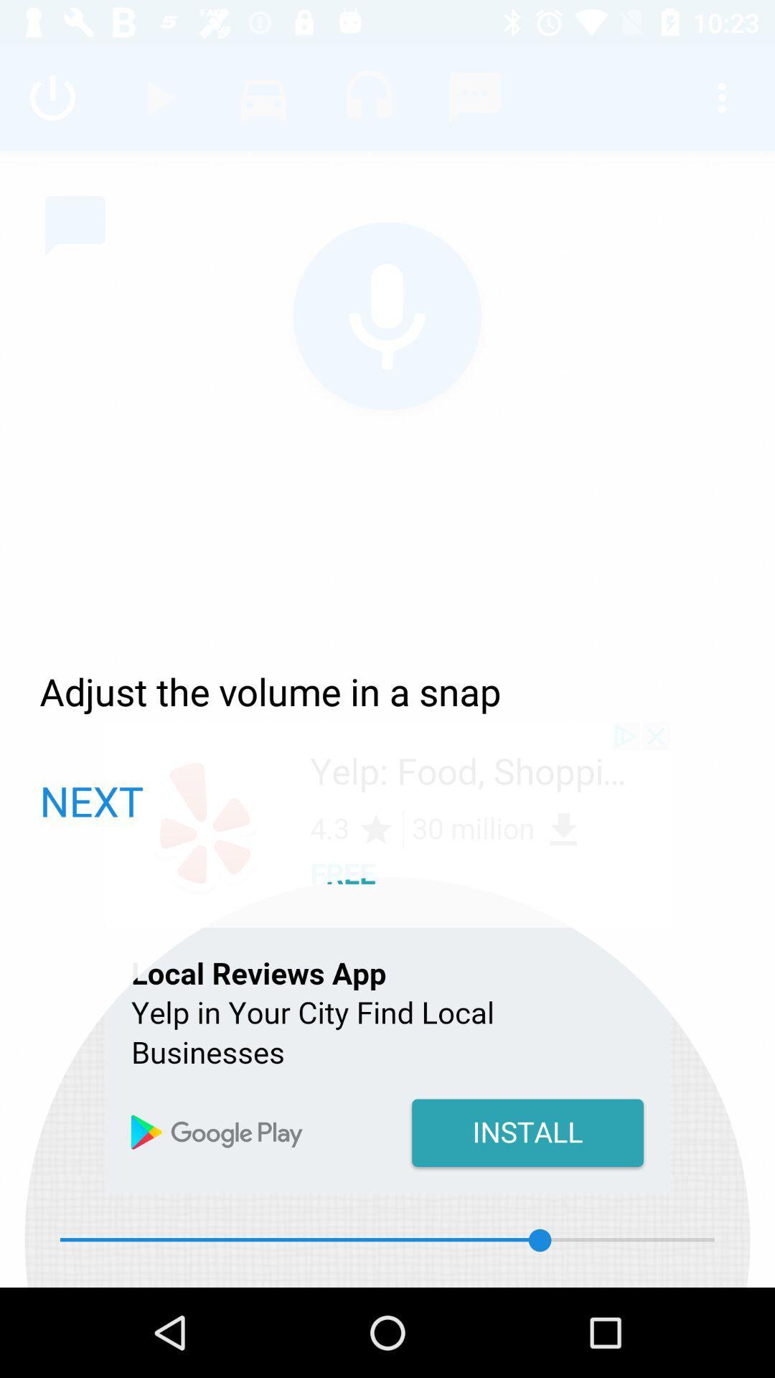 Image resolution: width=775 pixels, height=1378 pixels. Describe the element at coordinates (722, 97) in the screenshot. I see `the more icon` at that location.